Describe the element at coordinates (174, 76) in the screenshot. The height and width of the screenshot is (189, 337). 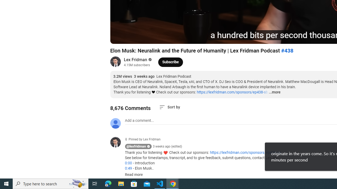
I see `'Lex Fridman Podcast'` at that location.